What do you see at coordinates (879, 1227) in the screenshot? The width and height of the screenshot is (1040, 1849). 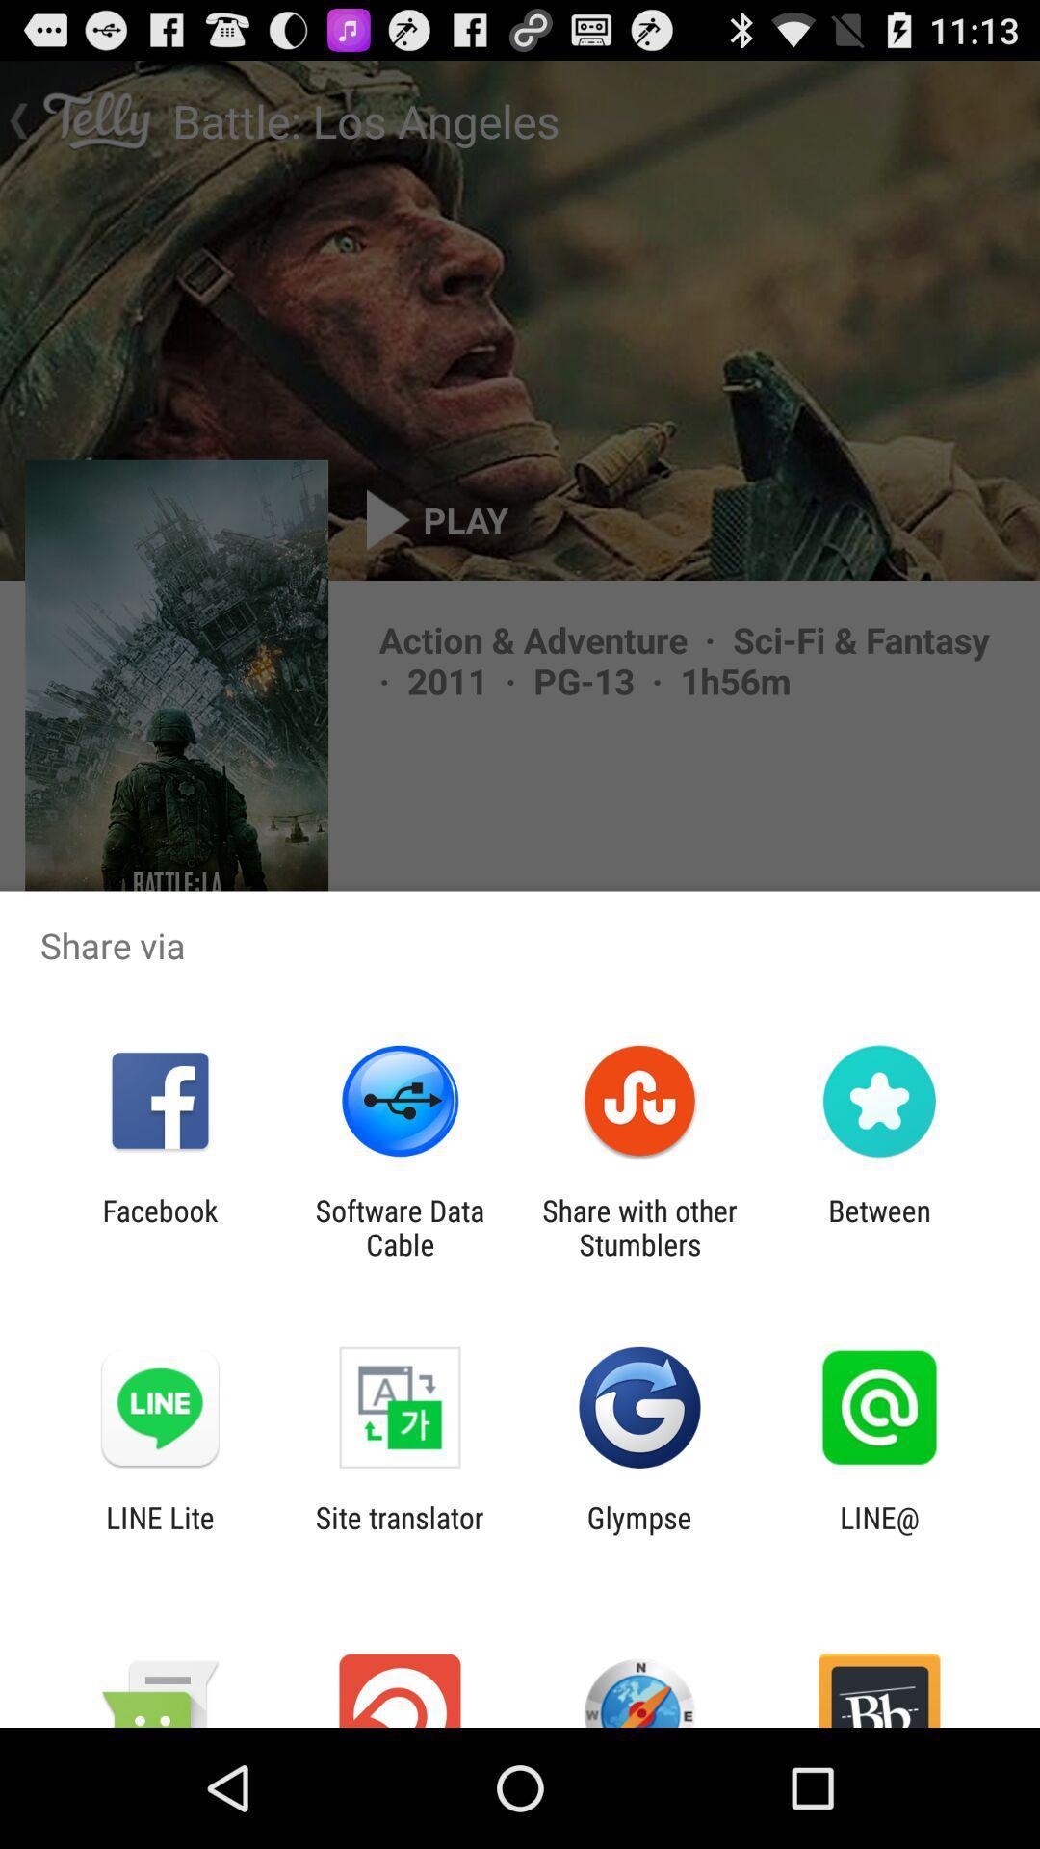 I see `item next to share with other` at bounding box center [879, 1227].